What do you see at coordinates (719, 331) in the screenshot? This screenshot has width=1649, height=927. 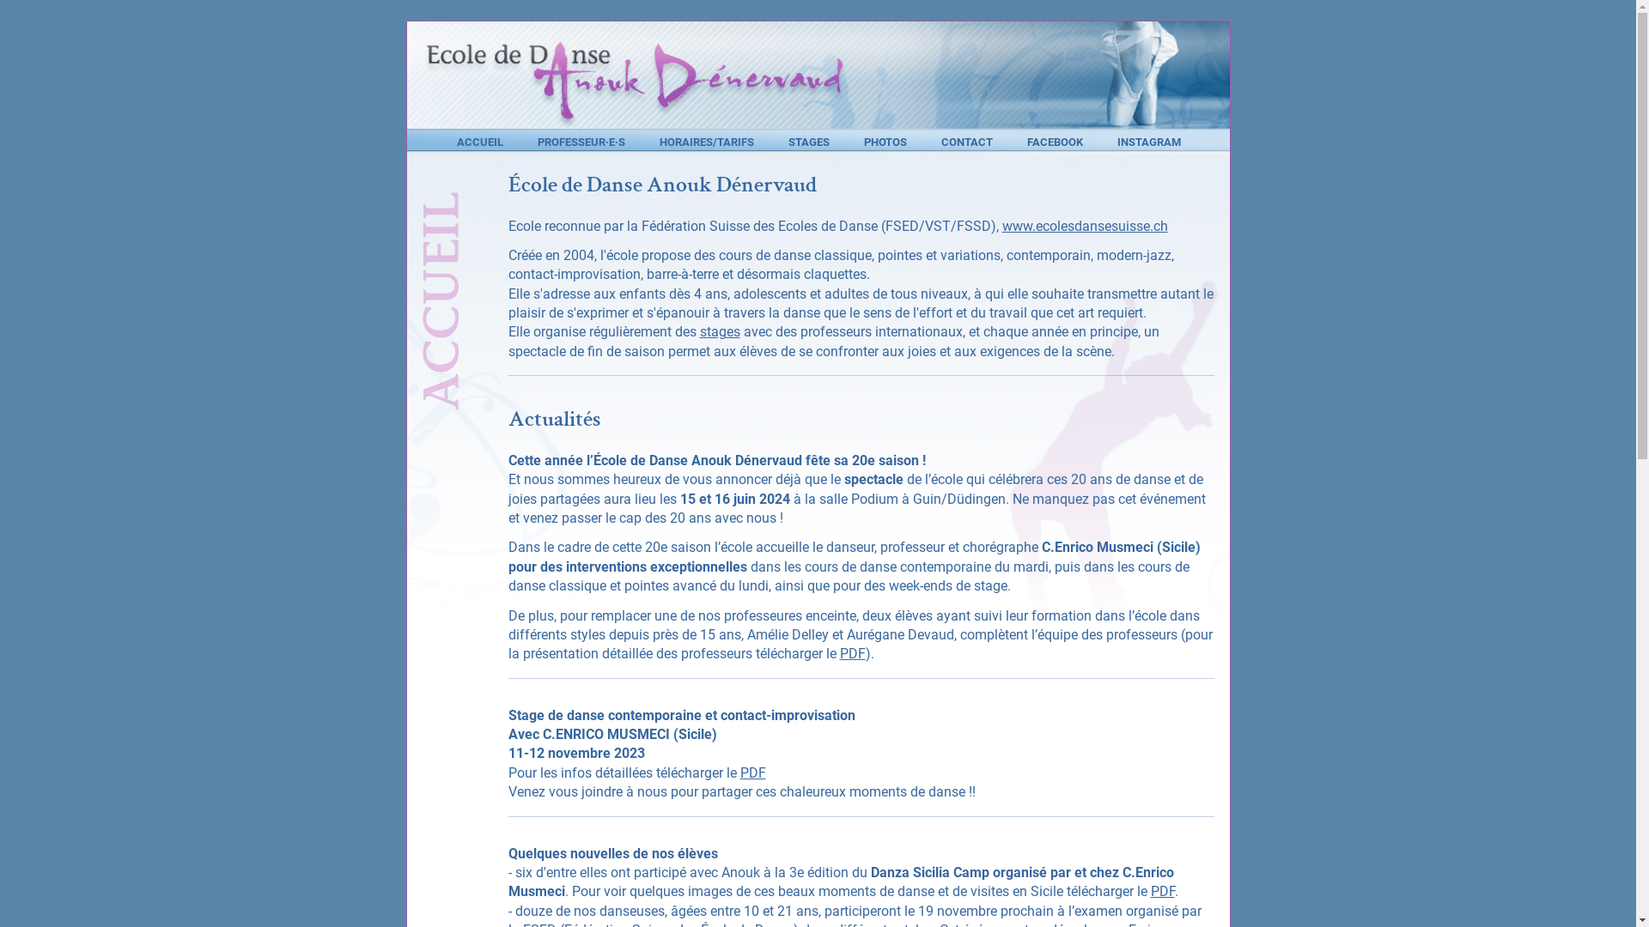 I see `'stages'` at bounding box center [719, 331].